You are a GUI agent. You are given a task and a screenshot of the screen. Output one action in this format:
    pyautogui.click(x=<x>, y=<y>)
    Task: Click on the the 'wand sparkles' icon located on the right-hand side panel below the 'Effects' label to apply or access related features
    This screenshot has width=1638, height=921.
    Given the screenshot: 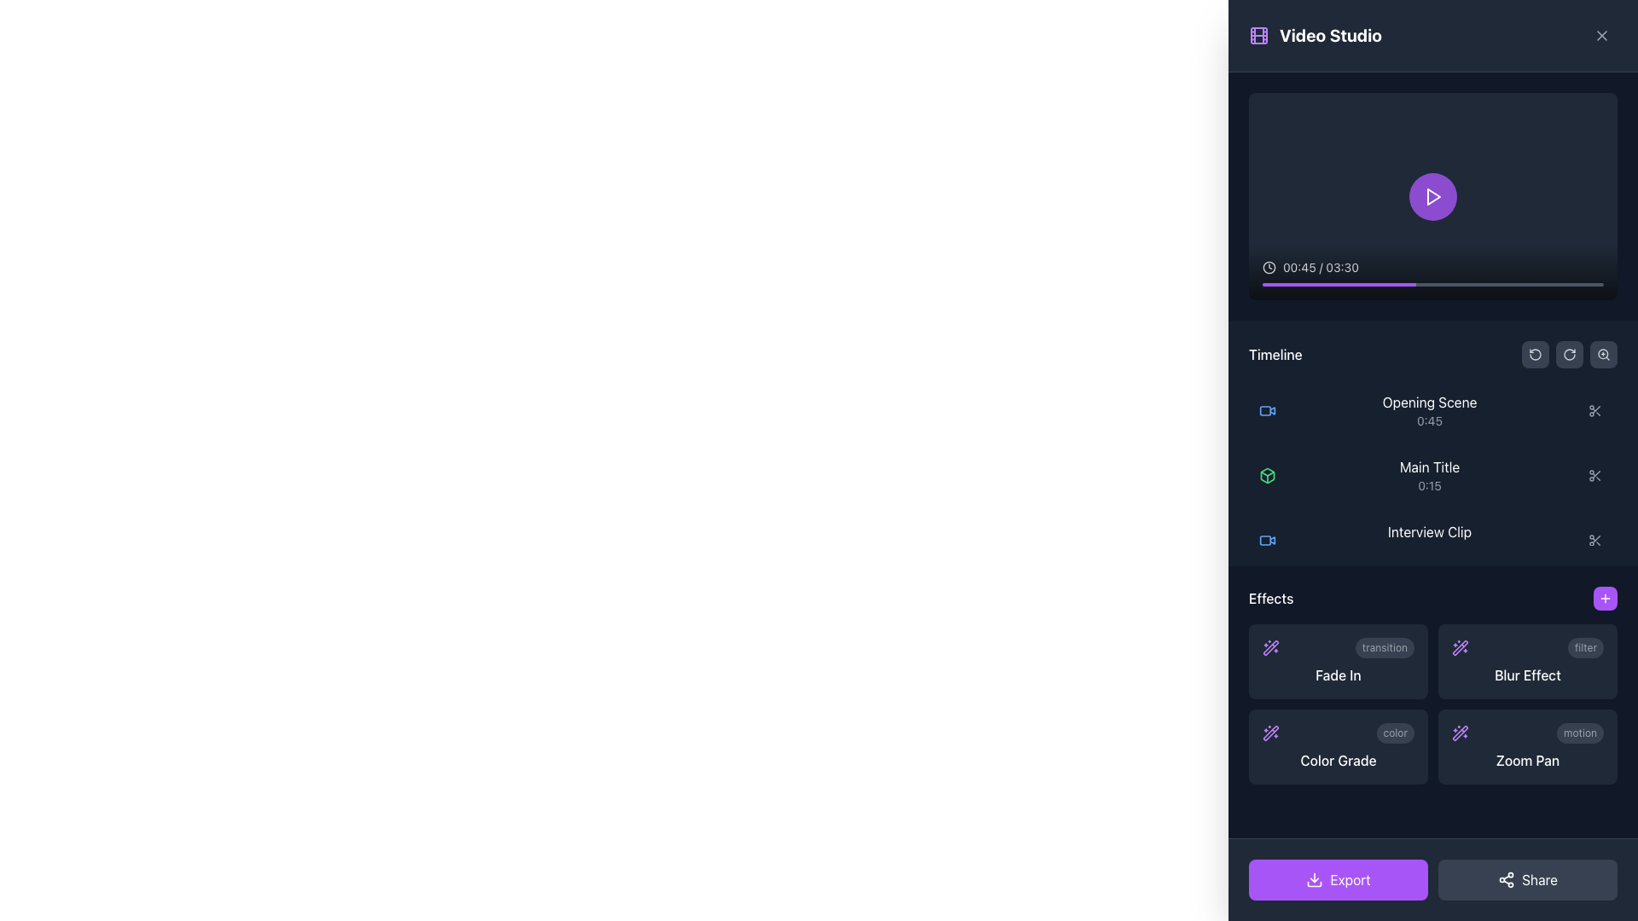 What is the action you would take?
    pyautogui.click(x=1270, y=733)
    